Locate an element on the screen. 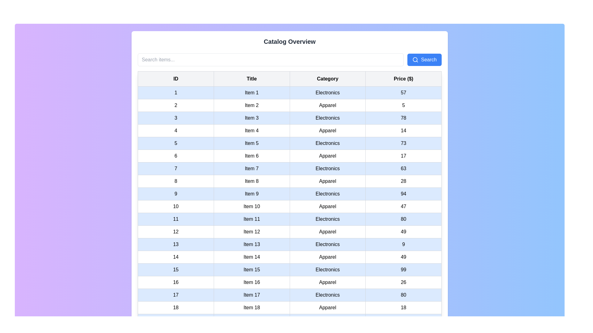 The width and height of the screenshot is (593, 333). the Text label displaying the number '49', which is located in the last column under the 'Price ($)' header at row 12 of the tabular data is located at coordinates (403, 232).